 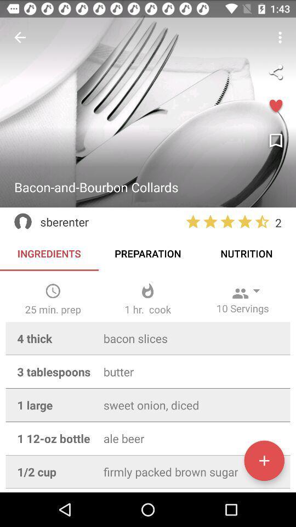 I want to click on go back, so click(x=20, y=37).